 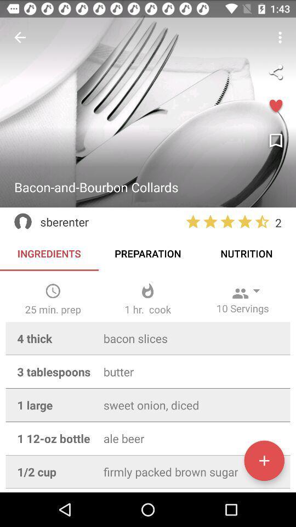 I want to click on go back, so click(x=20, y=37).